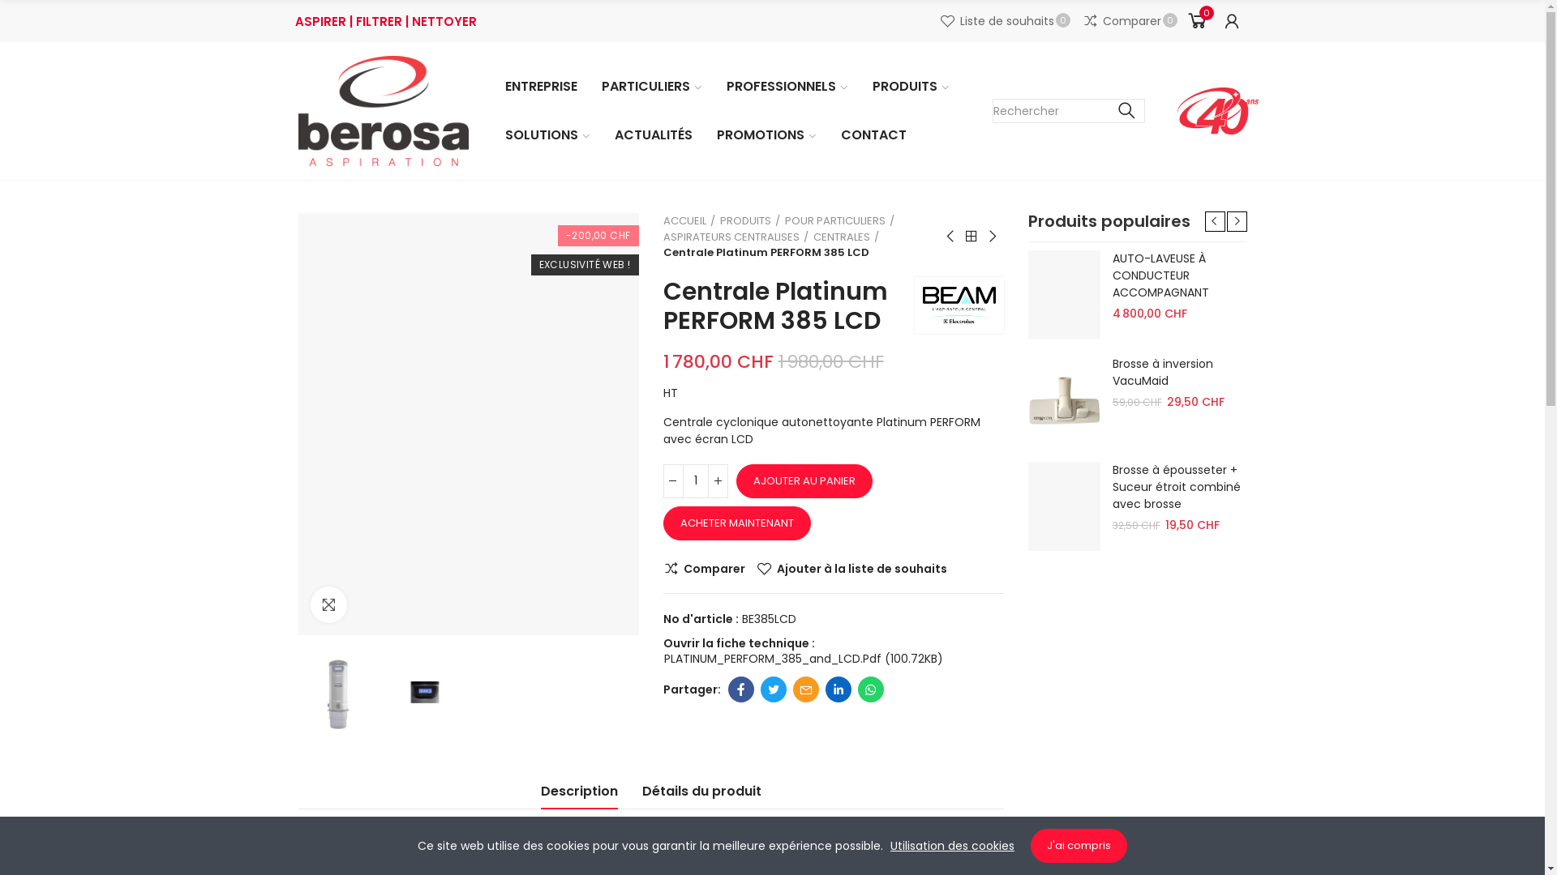  Describe the element at coordinates (740, 689) in the screenshot. I see `'Facebook'` at that location.